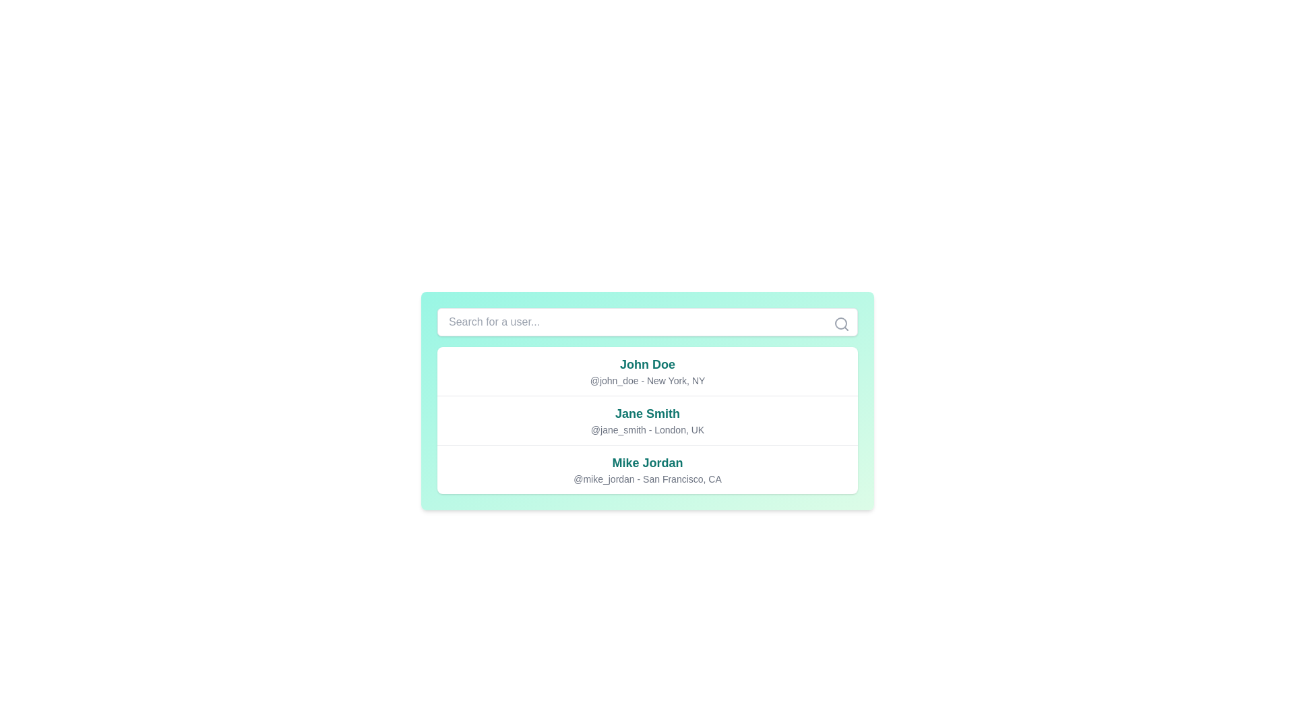 The height and width of the screenshot is (728, 1294). Describe the element at coordinates (647, 429) in the screenshot. I see `the text label displaying '@jane_smith - London, UK', which is styled with a small font size and gray color, positioned beneath the larger text 'Jane Smith'` at that location.